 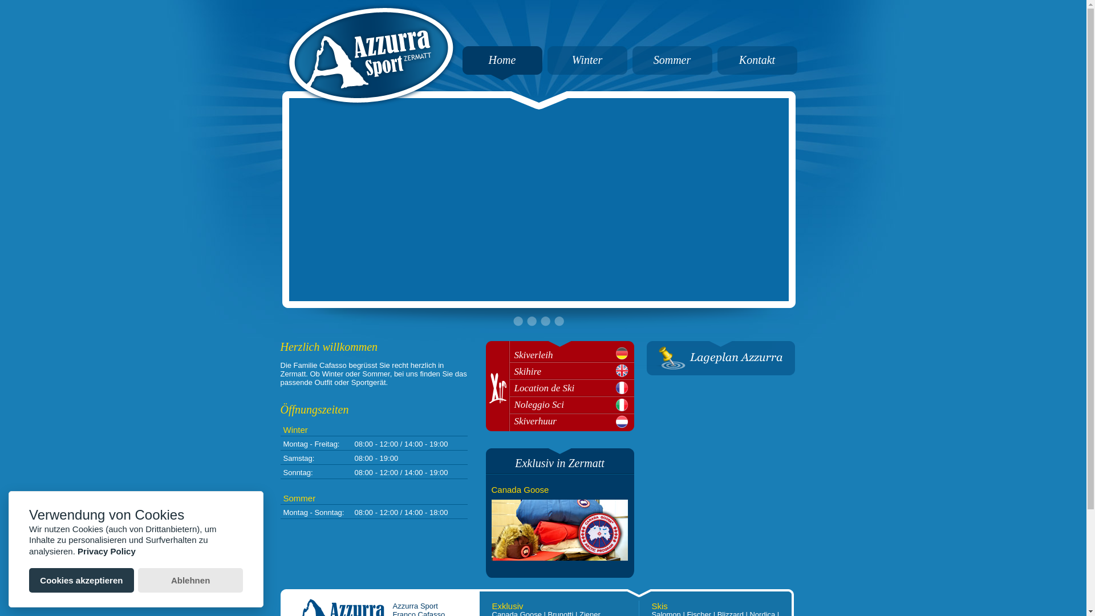 I want to click on 'Kontakt', so click(x=739, y=59).